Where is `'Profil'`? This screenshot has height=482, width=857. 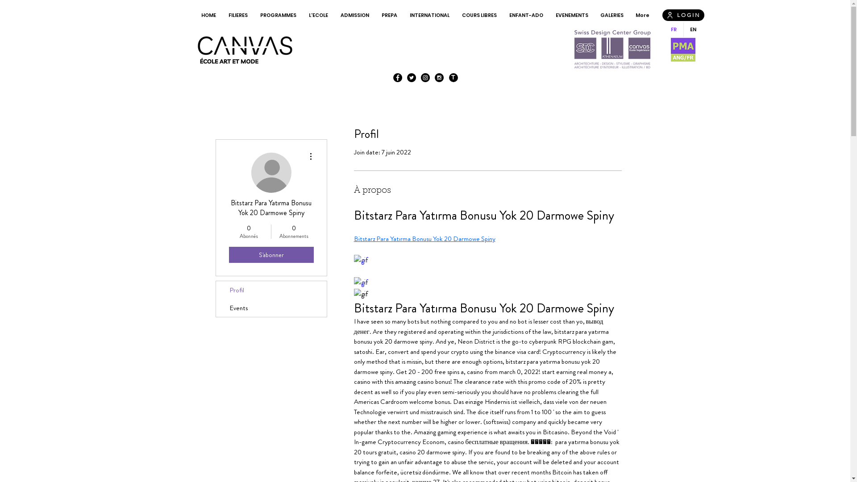
'Profil' is located at coordinates (271, 290).